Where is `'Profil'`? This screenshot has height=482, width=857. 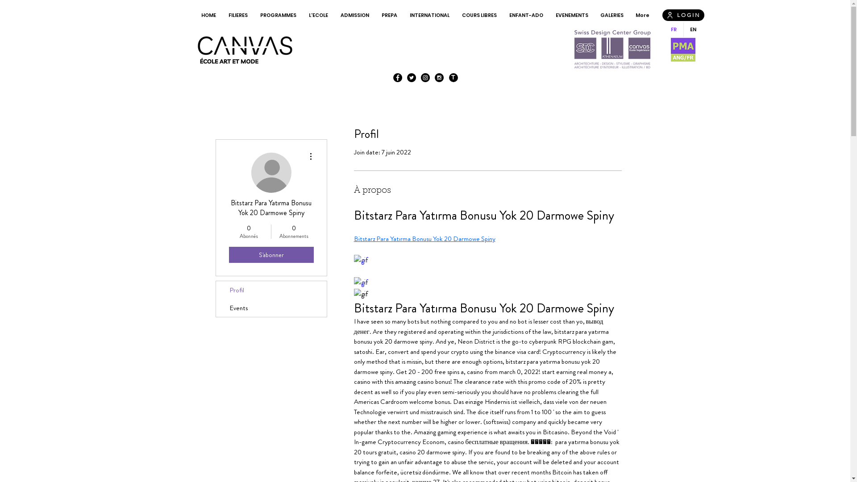
'Profil' is located at coordinates (271, 290).